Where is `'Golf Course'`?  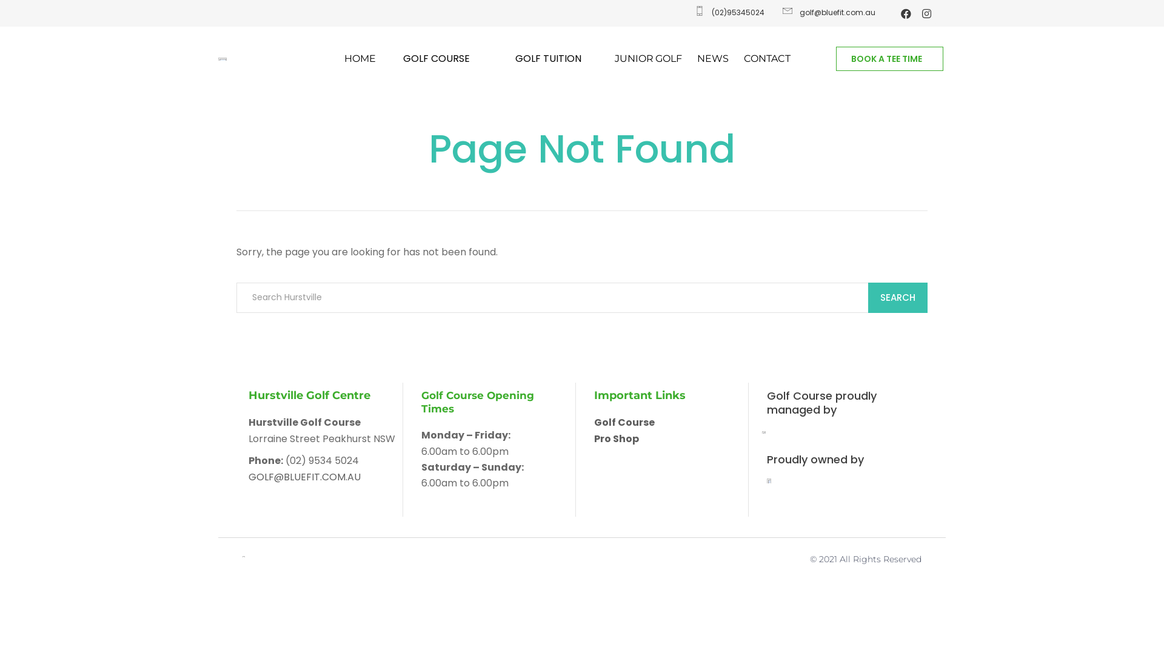 'Golf Course' is located at coordinates (624, 422).